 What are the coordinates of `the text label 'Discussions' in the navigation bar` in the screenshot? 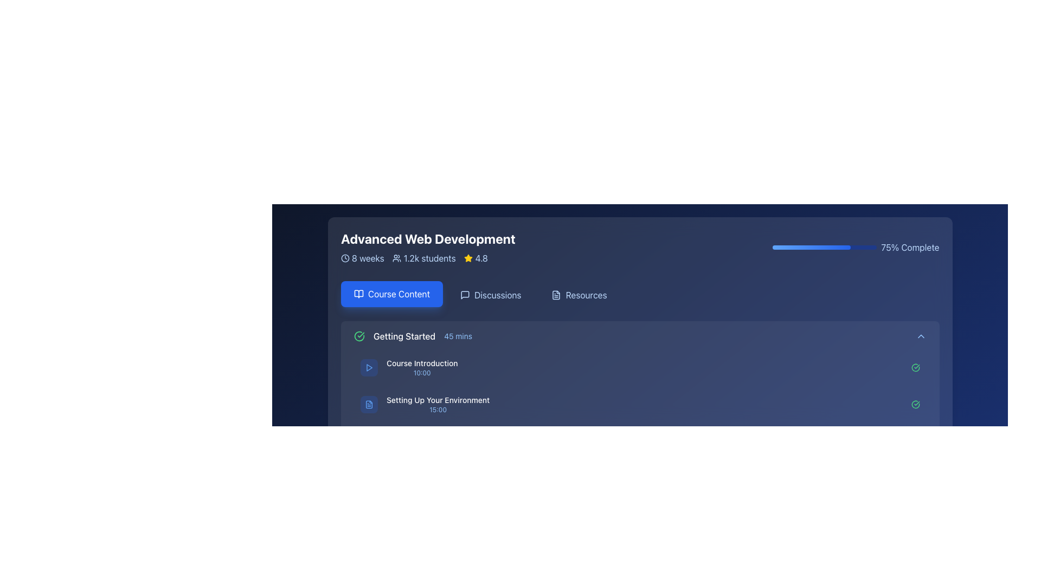 It's located at (497, 295).